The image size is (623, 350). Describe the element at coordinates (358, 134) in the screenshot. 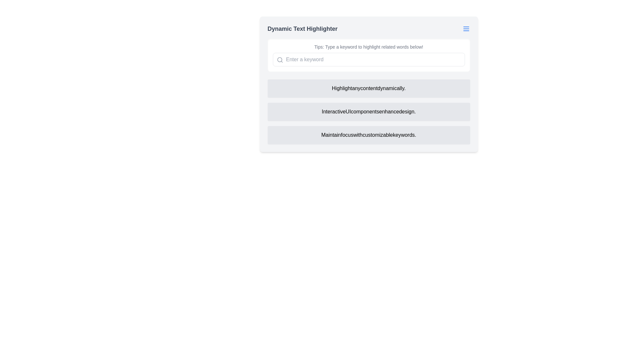

I see `the text element displaying 'with', which is the third word in the sentence 'Maintain focus with customizable keywords.'` at that location.